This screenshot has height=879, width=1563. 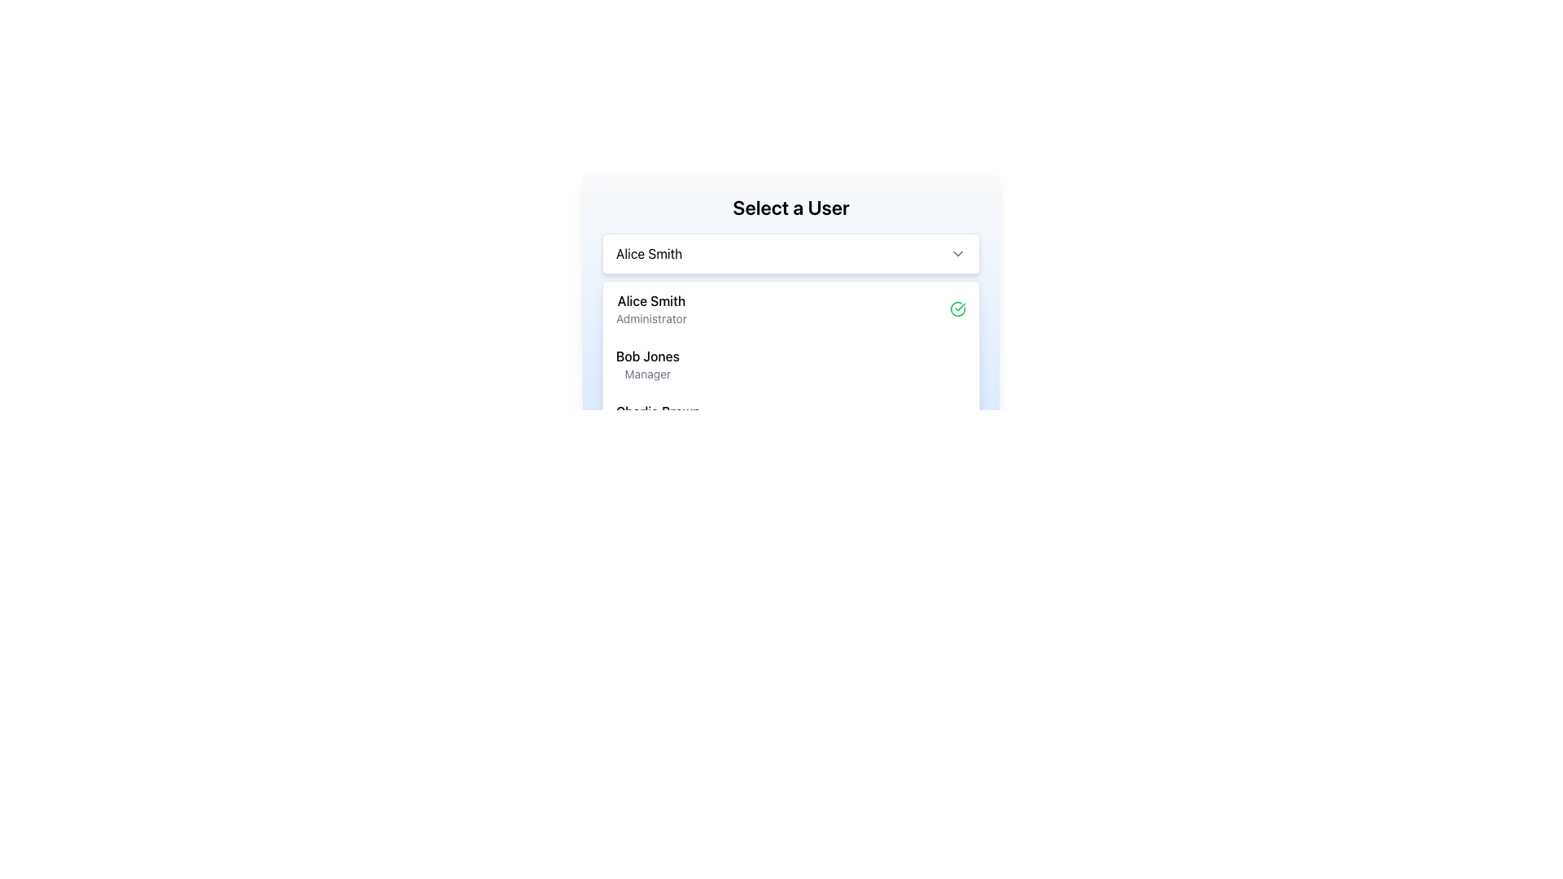 I want to click on the Downward Chevron Icon located at the right-hand side of the dropdown input field containing 'Alice Smith', so click(x=957, y=254).